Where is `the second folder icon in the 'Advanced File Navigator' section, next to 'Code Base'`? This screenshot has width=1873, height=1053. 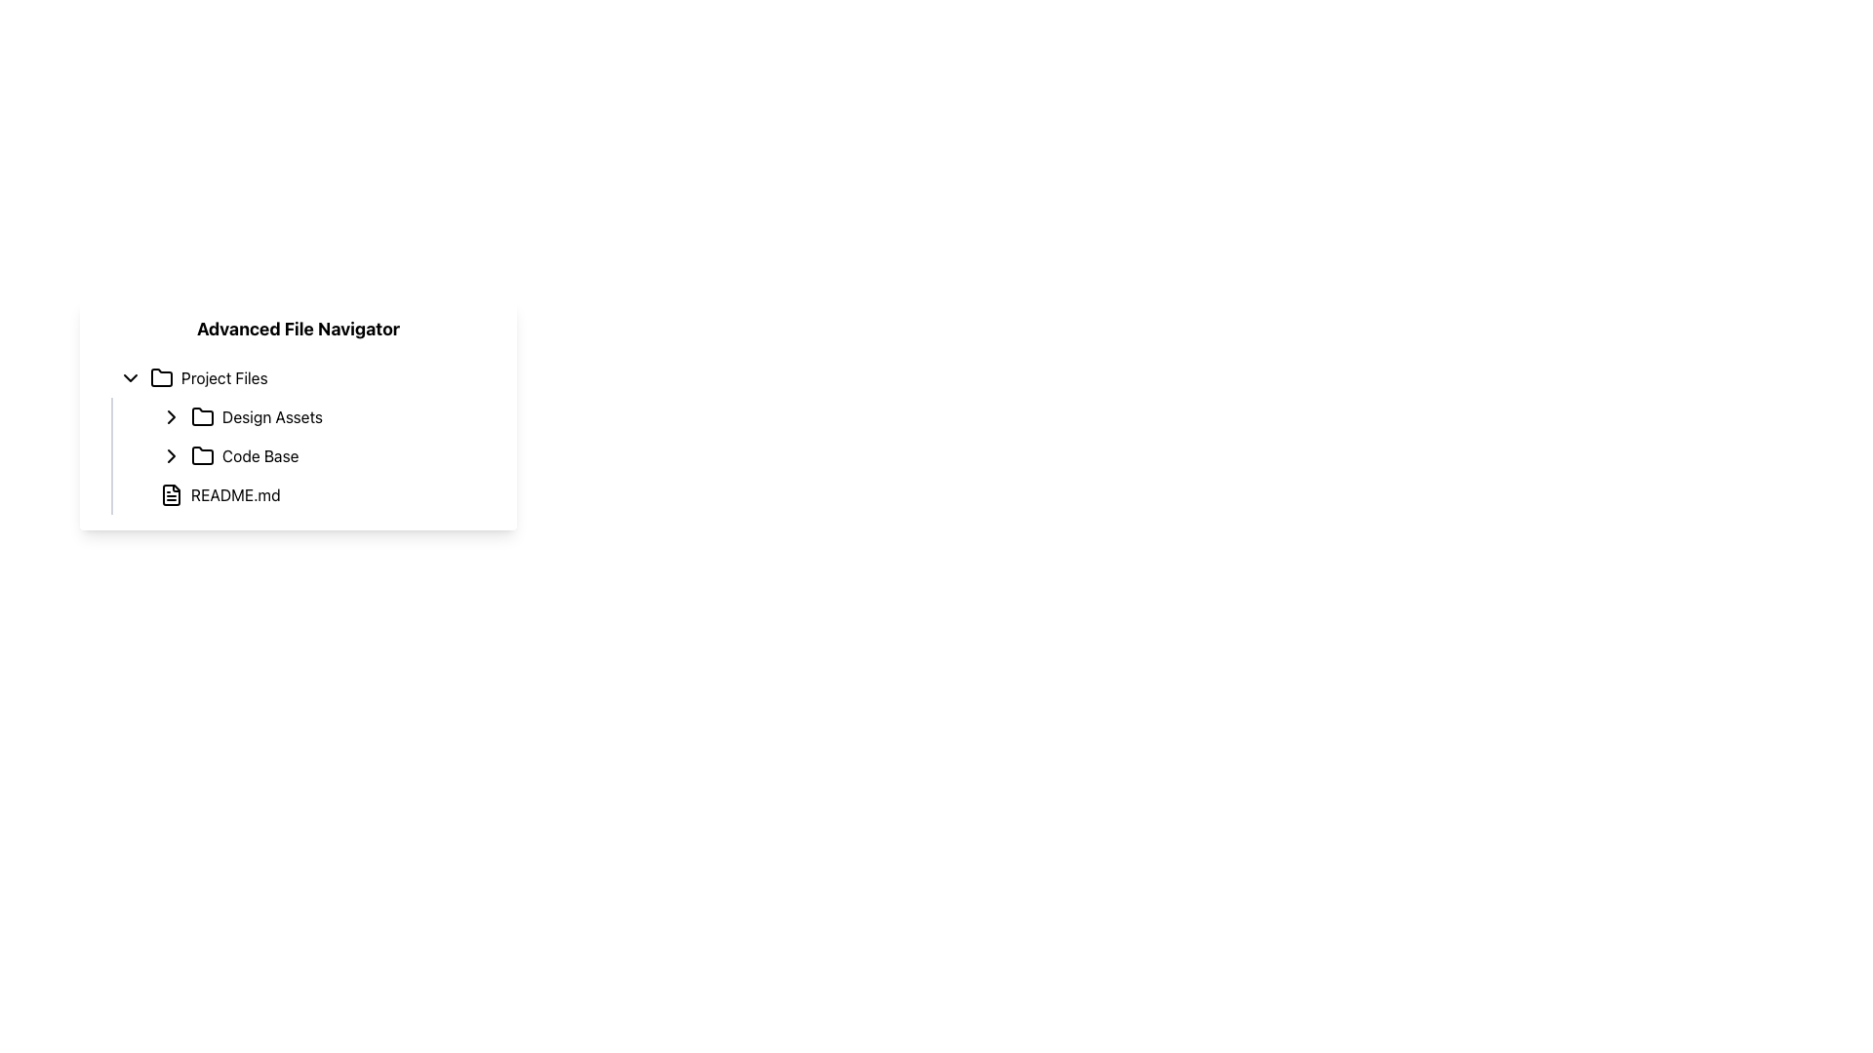
the second folder icon in the 'Advanced File Navigator' section, next to 'Code Base' is located at coordinates (202, 454).